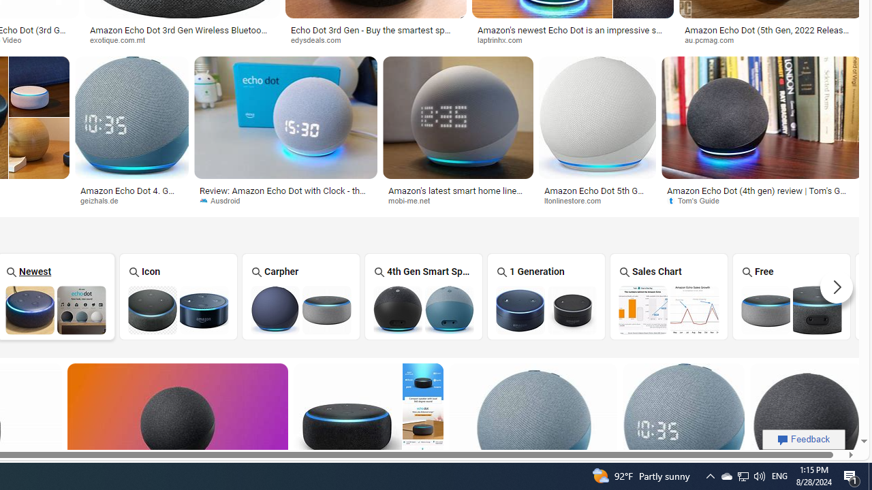 This screenshot has height=490, width=872. Describe the element at coordinates (300, 310) in the screenshot. I see `'Amazon Echo Dot Carpher'` at that location.